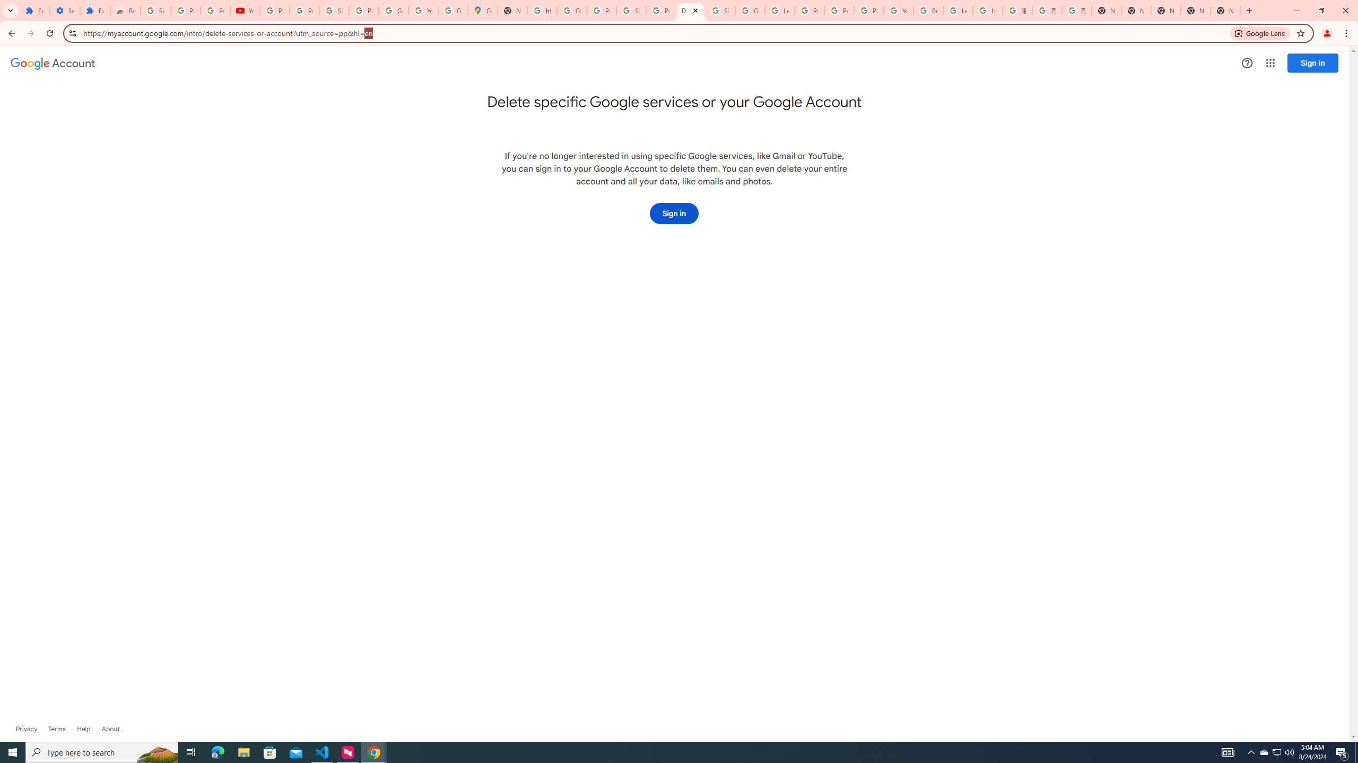 This screenshot has height=763, width=1358. What do you see at coordinates (482, 10) in the screenshot?
I see `'Google Maps'` at bounding box center [482, 10].